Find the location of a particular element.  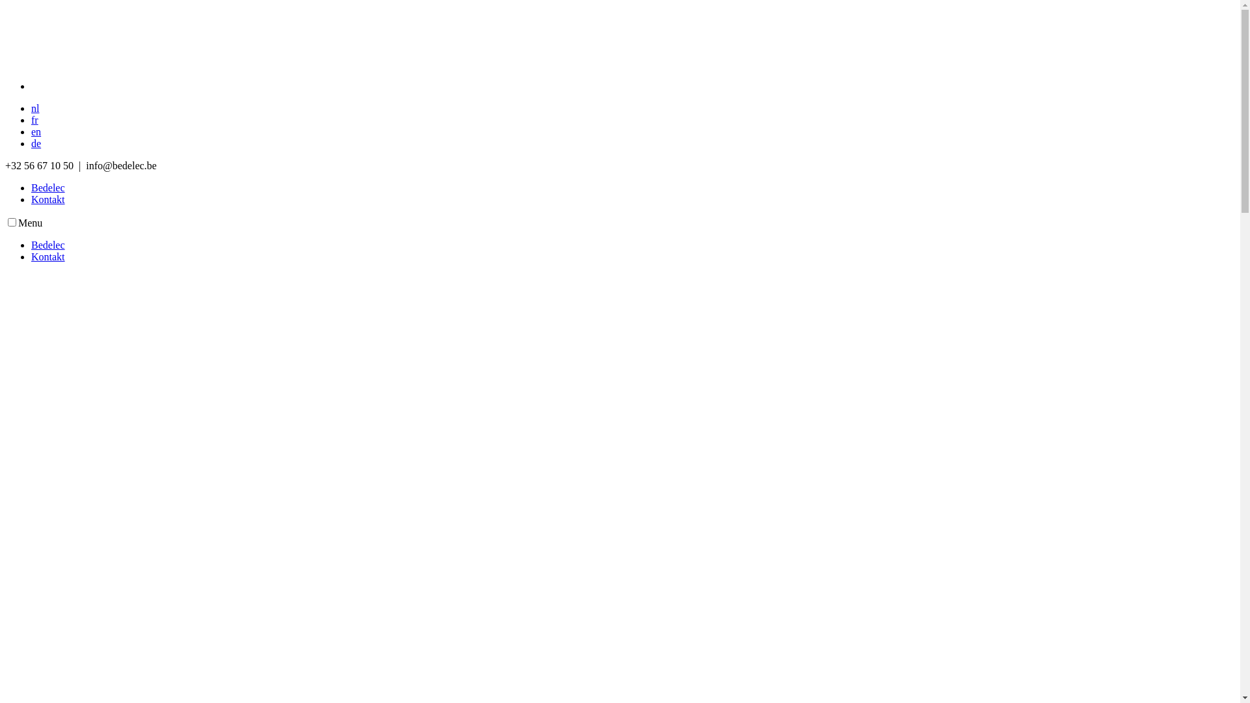

'Kontakt' is located at coordinates (48, 199).